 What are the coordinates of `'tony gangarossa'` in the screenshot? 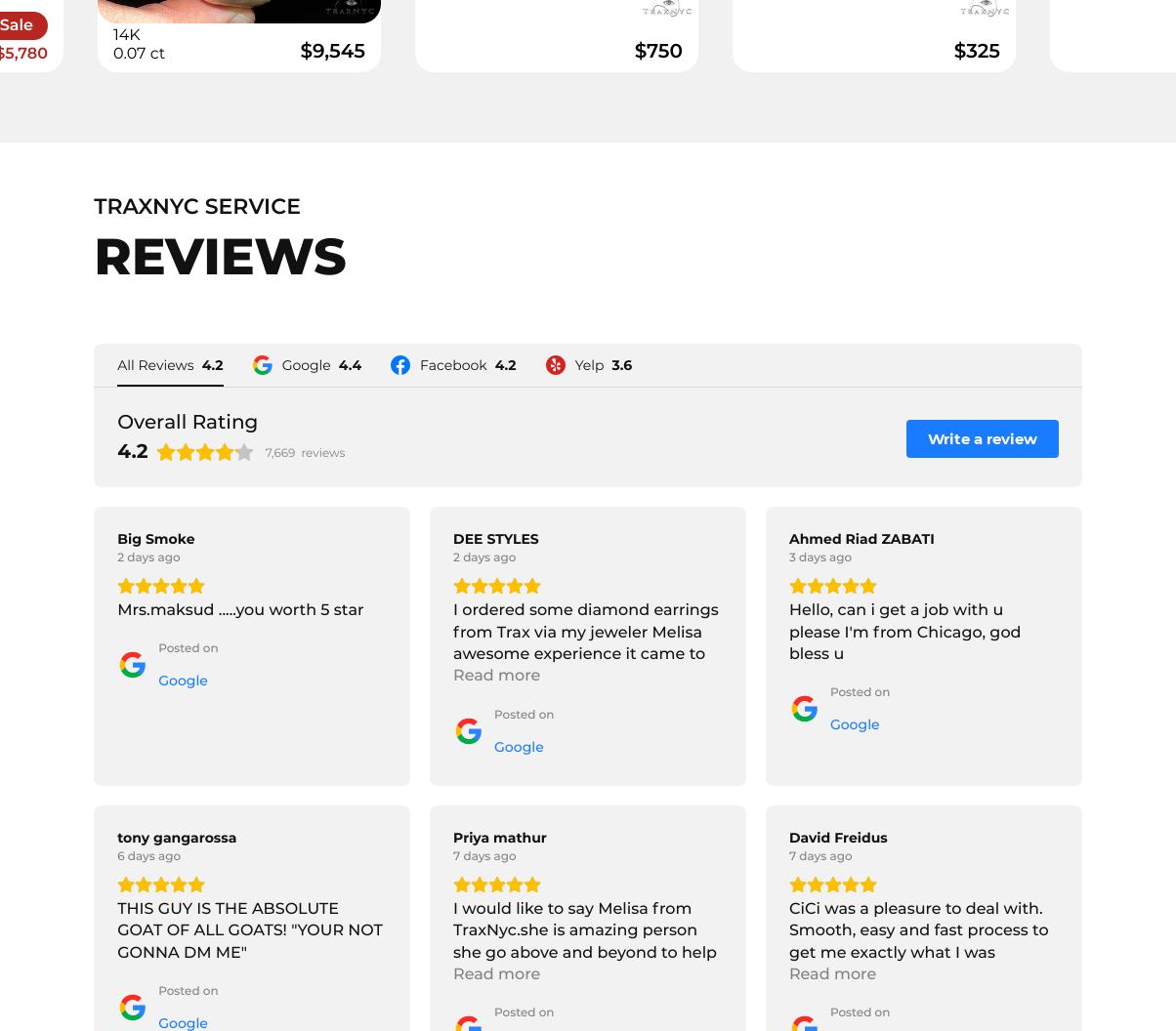 It's located at (176, 837).